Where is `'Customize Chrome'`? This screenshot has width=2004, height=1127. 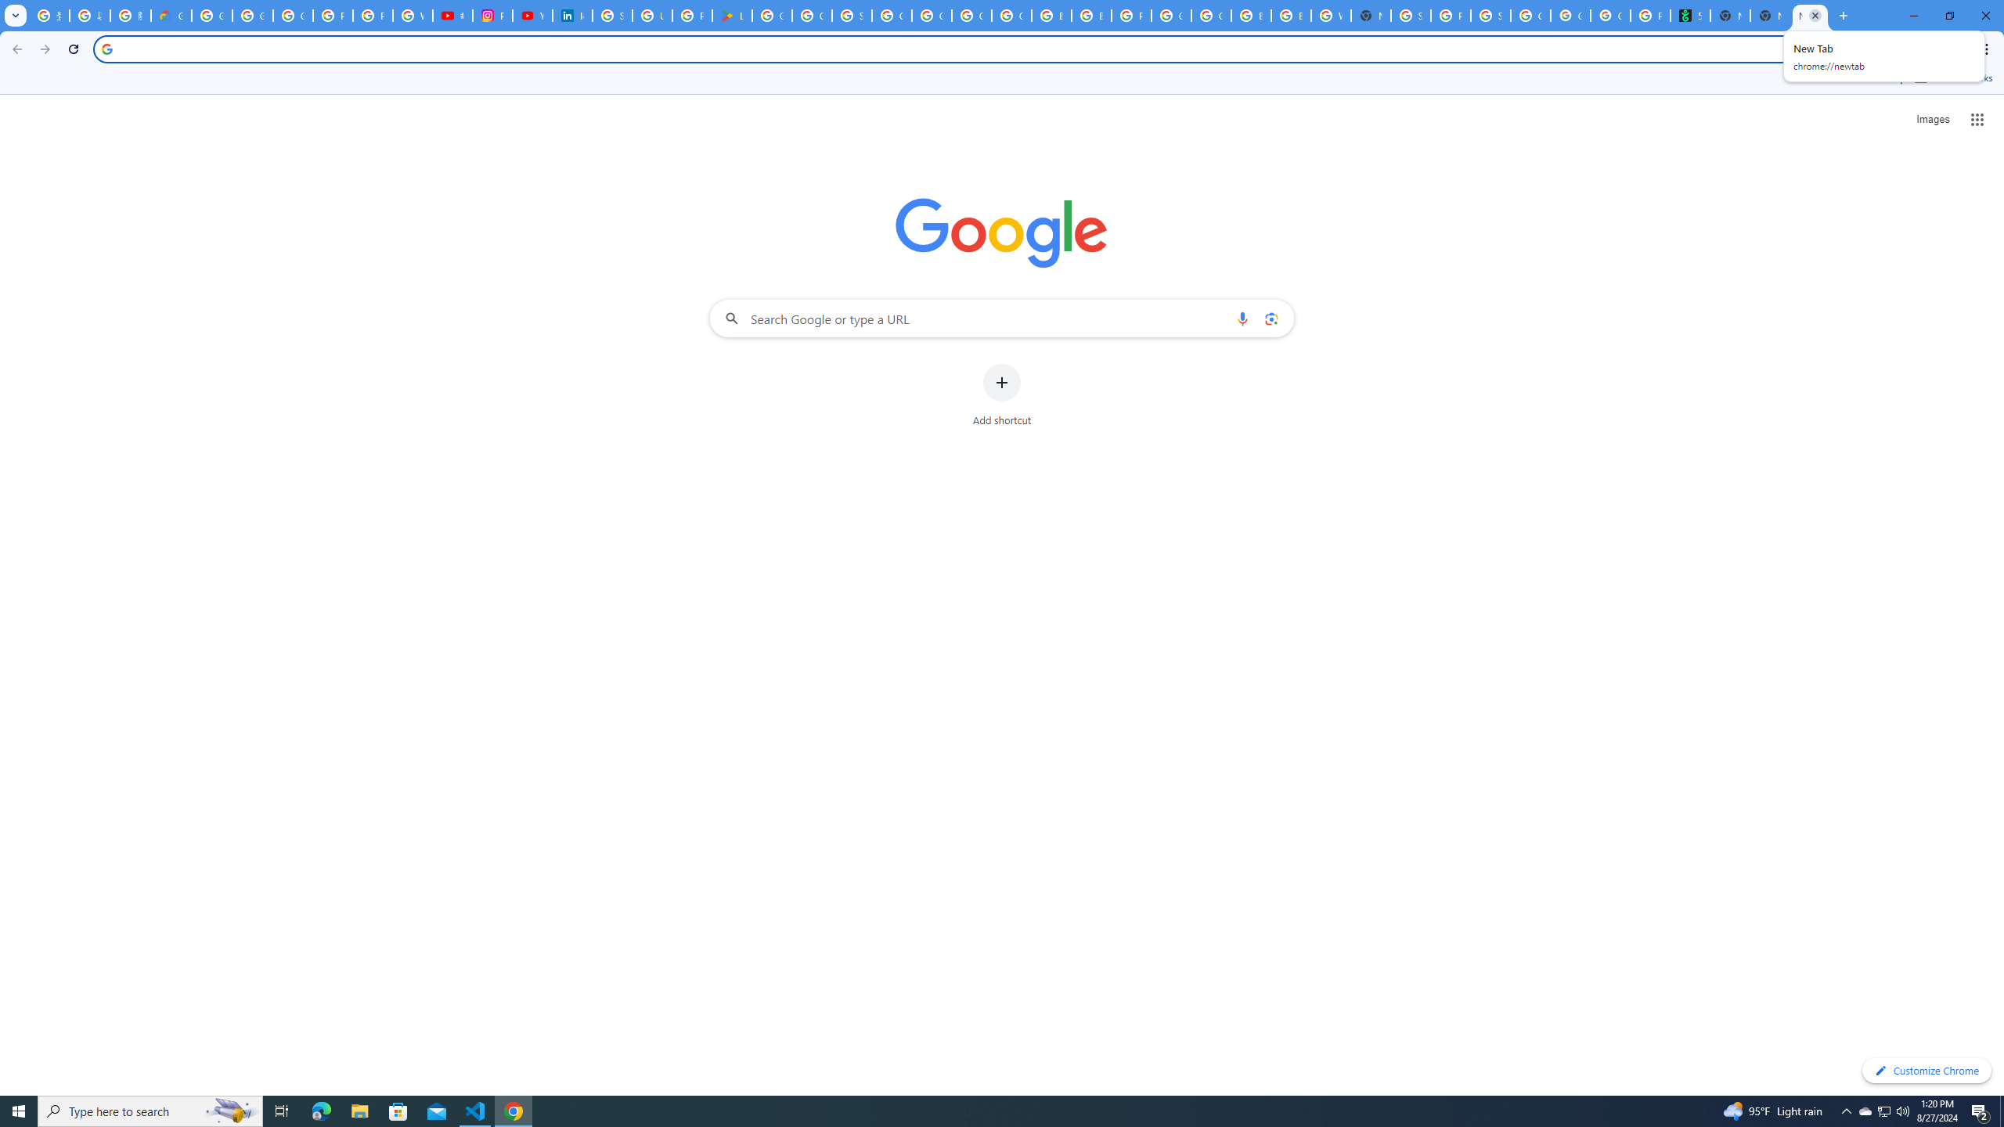
'Customize Chrome' is located at coordinates (1927, 1070).